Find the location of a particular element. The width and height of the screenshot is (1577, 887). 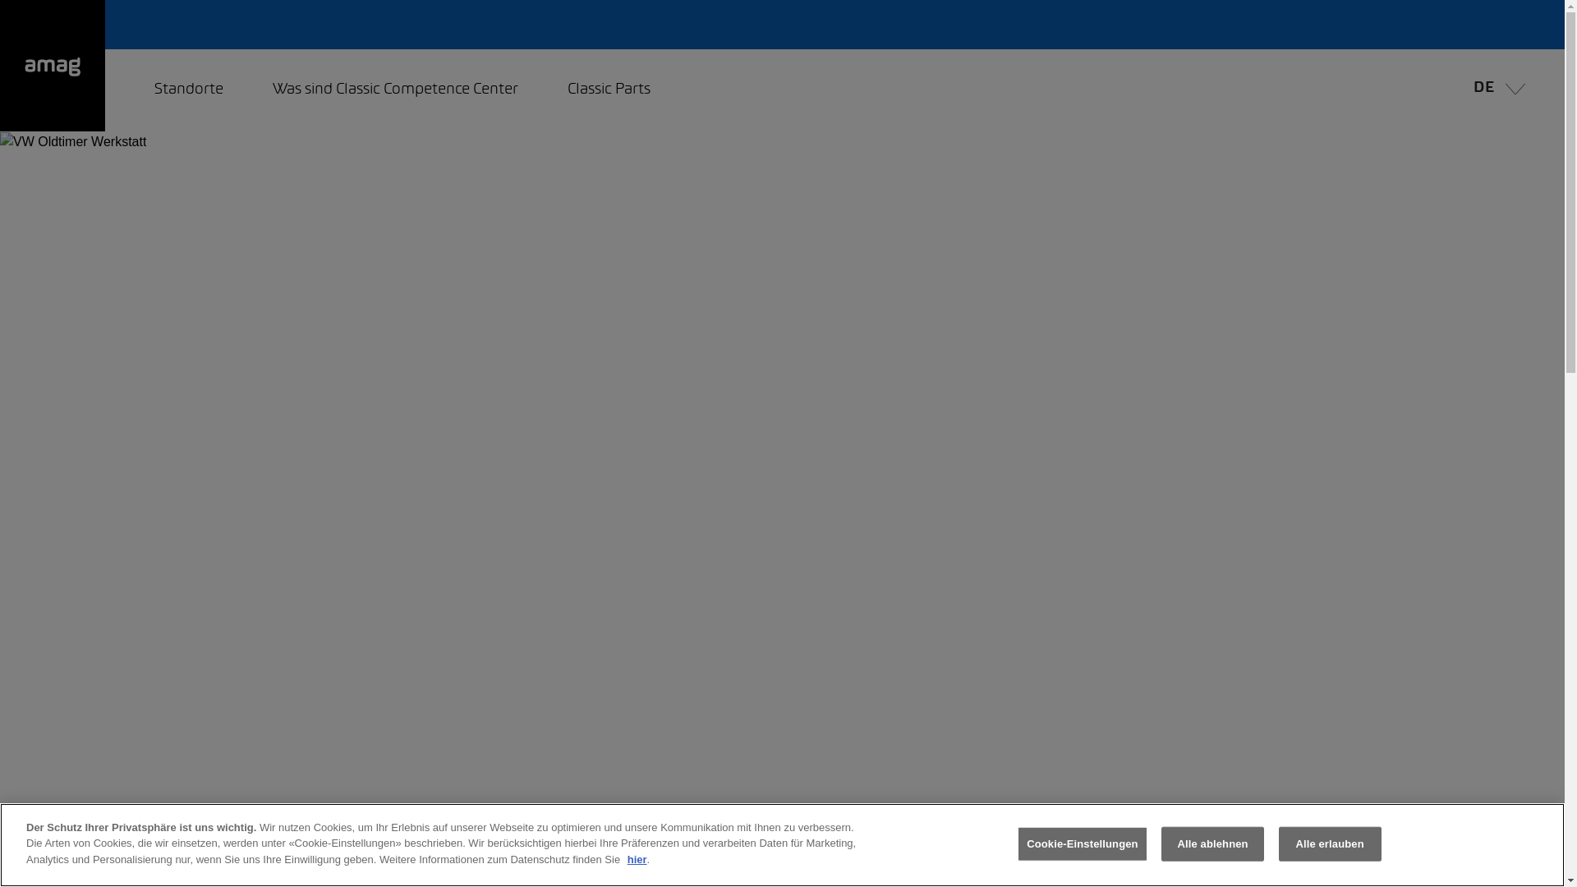

'DE' is located at coordinates (1495, 90).